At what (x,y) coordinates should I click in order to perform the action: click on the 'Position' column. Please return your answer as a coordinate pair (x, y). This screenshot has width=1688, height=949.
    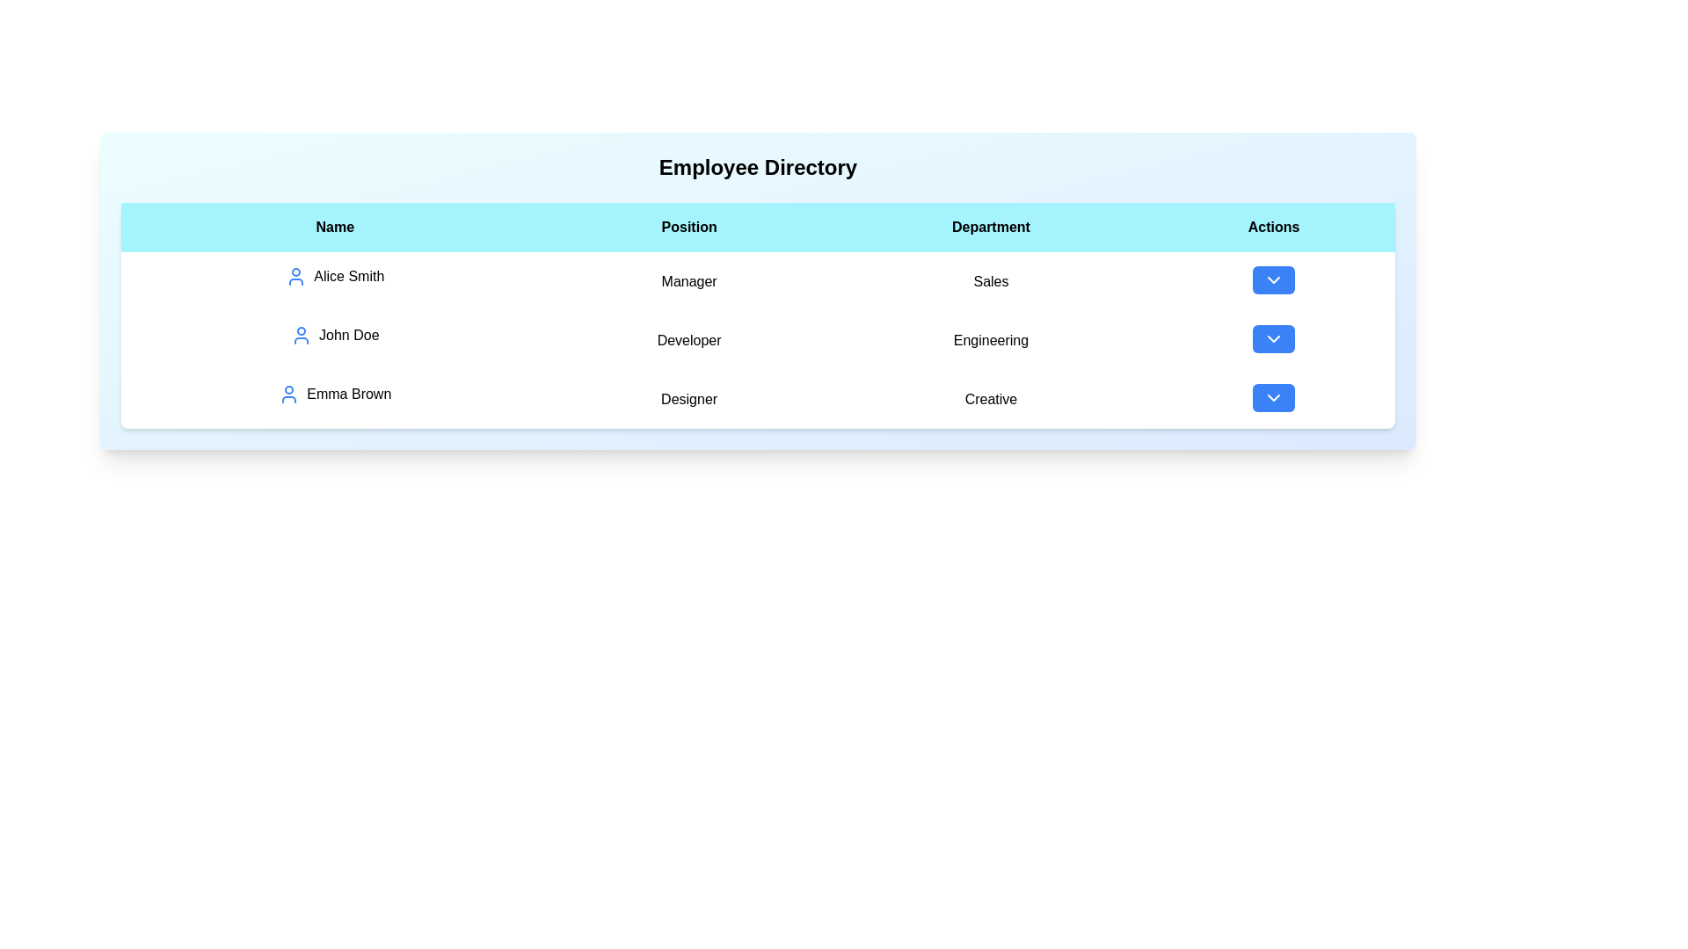
    Looking at the image, I should click on (688, 399).